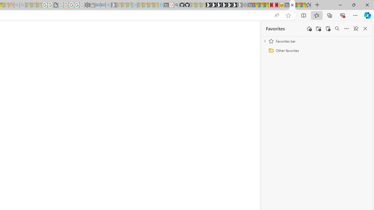 This screenshot has height=210, width=374. I want to click on 'Add this page to favorites', so click(309, 29).